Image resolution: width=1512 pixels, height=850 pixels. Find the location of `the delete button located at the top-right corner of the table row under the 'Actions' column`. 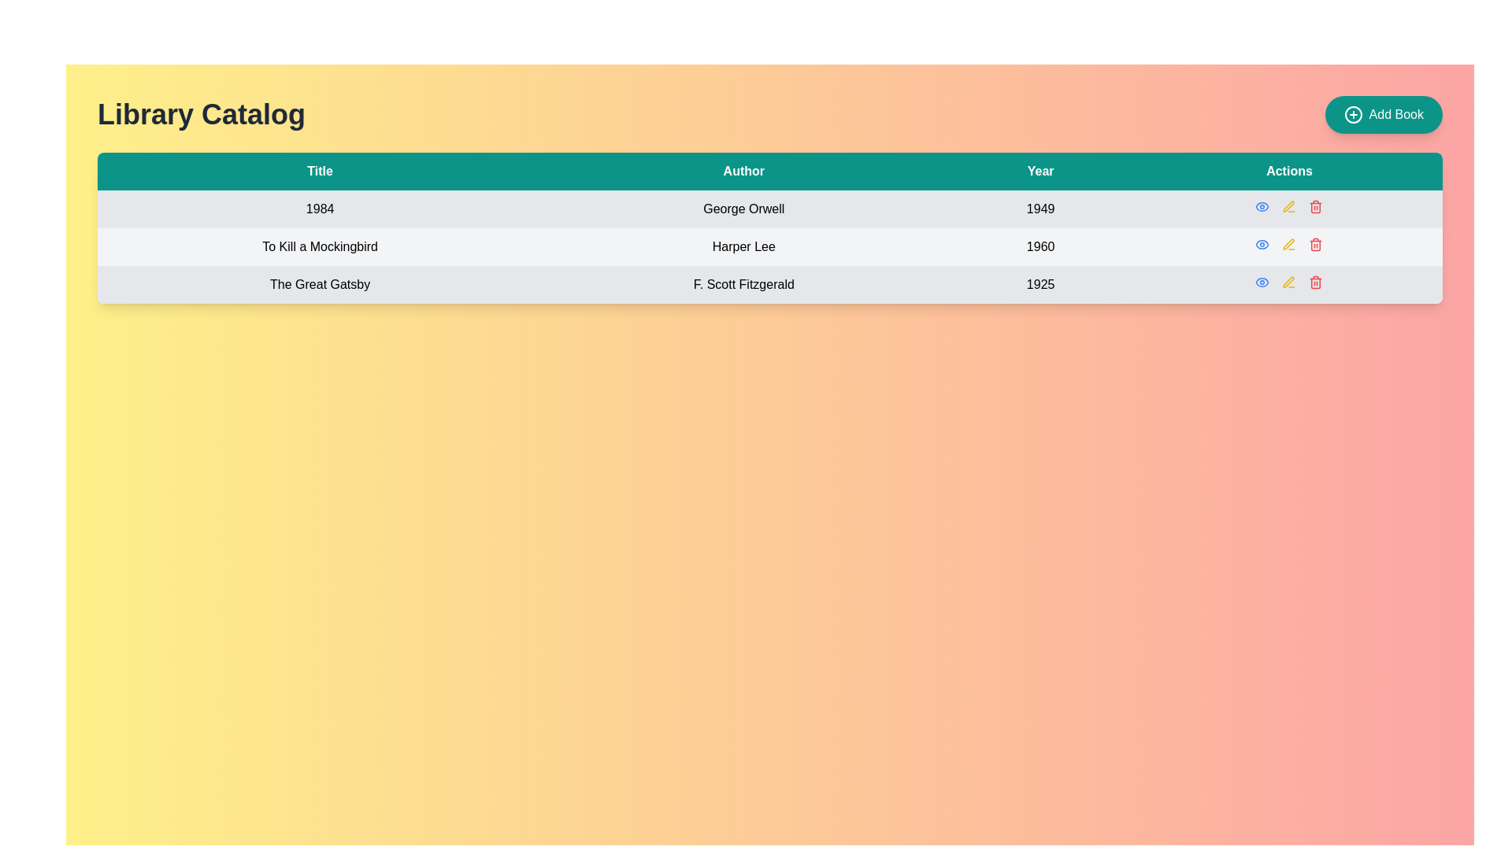

the delete button located at the top-right corner of the table row under the 'Actions' column is located at coordinates (1315, 205).